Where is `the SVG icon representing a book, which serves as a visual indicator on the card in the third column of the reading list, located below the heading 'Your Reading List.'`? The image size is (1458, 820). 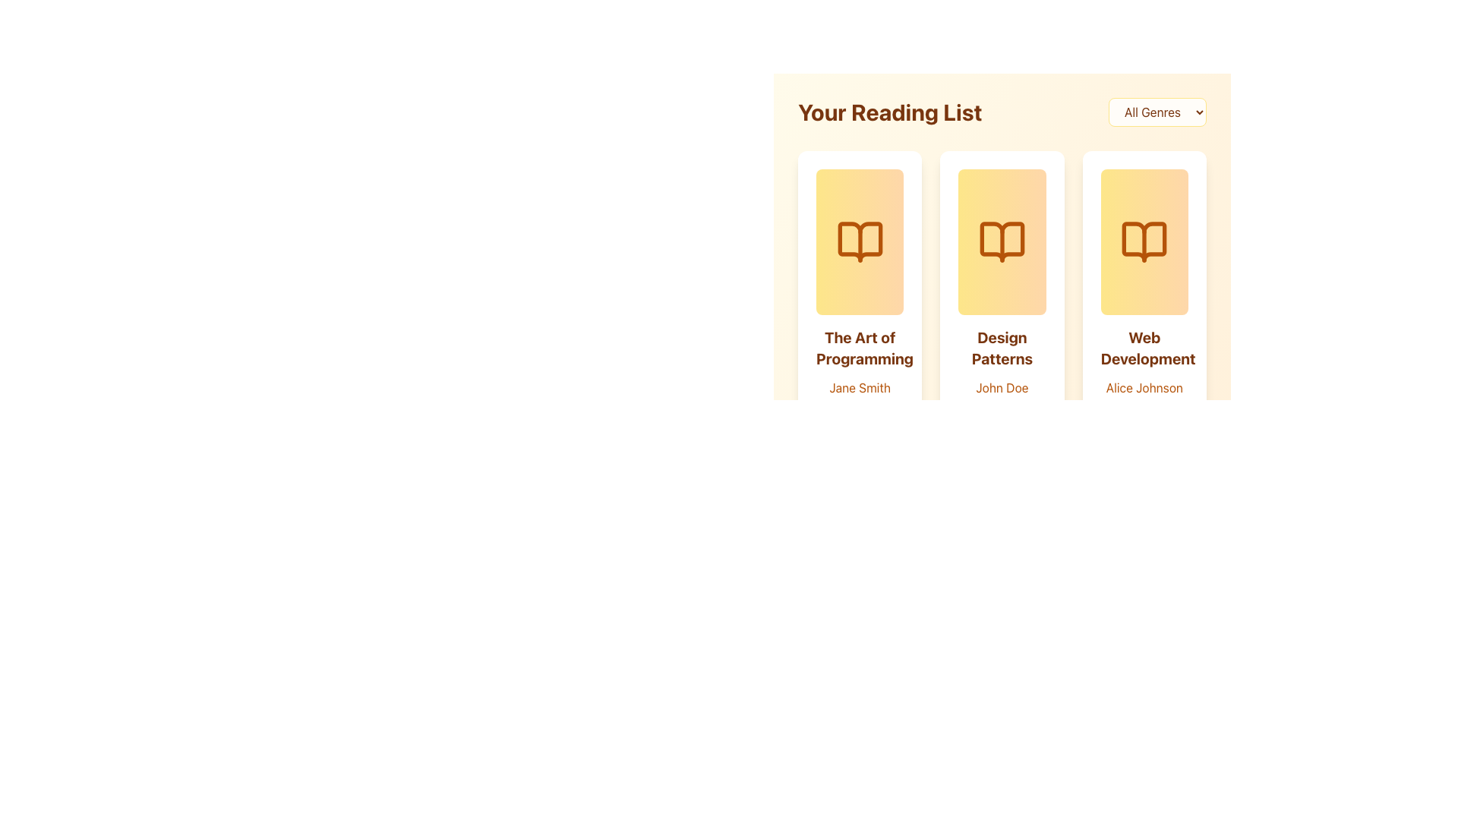 the SVG icon representing a book, which serves as a visual indicator on the card in the third column of the reading list, located below the heading 'Your Reading List.' is located at coordinates (1144, 241).